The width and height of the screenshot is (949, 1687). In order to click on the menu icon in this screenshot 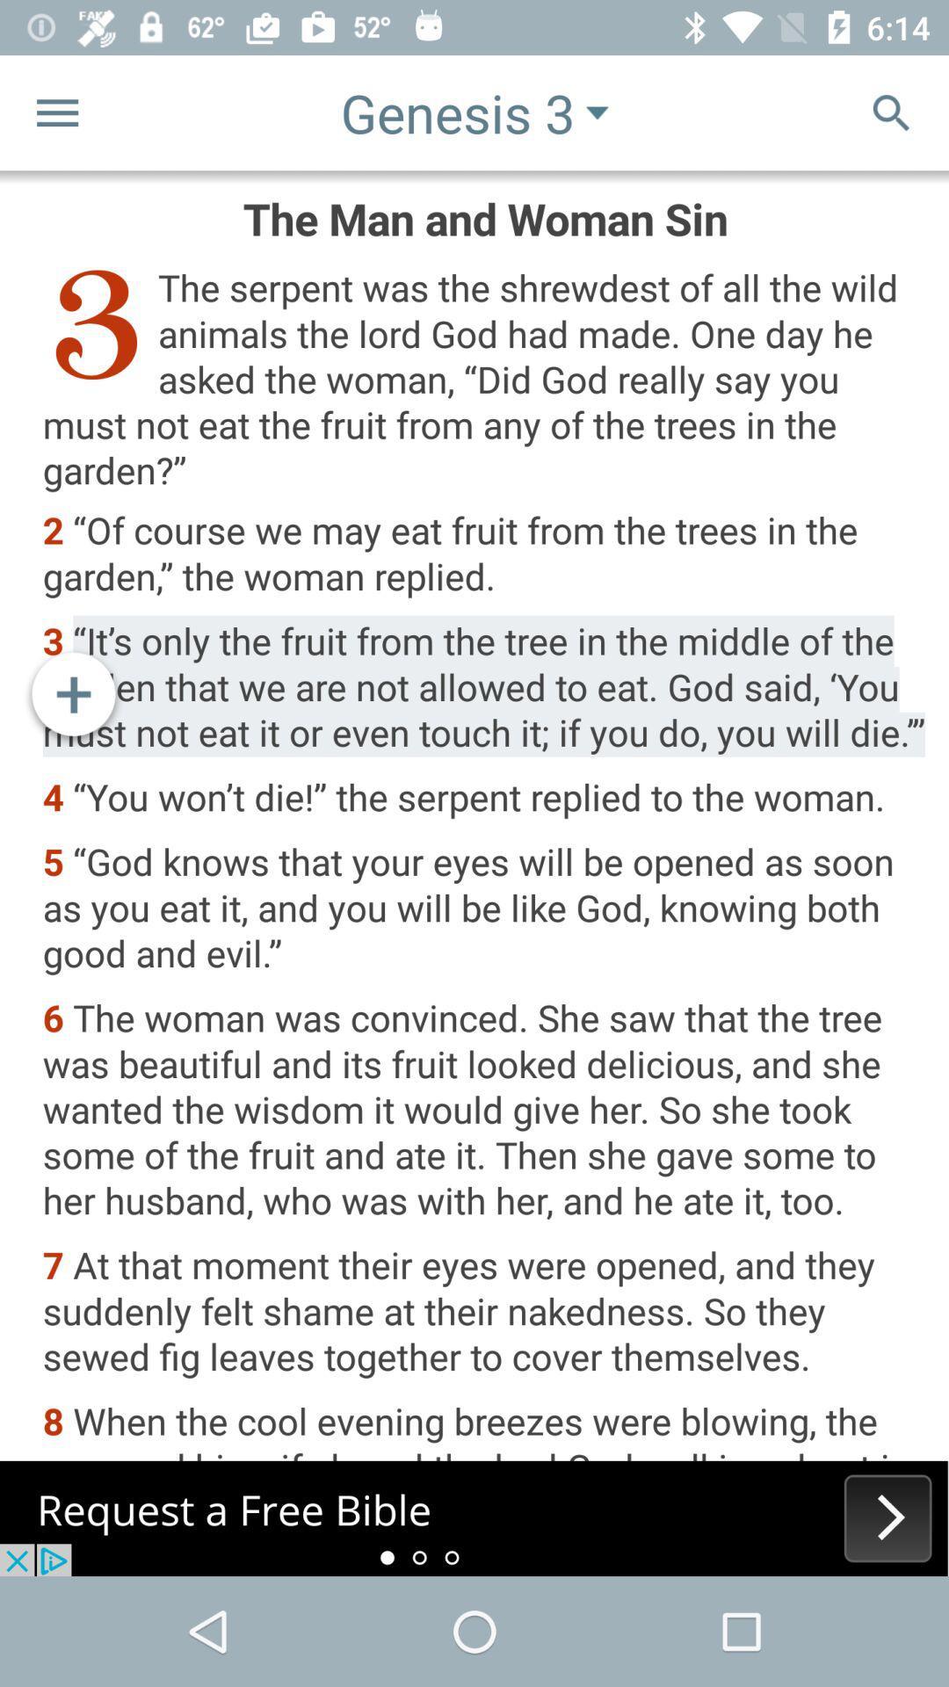, I will do `click(56, 112)`.